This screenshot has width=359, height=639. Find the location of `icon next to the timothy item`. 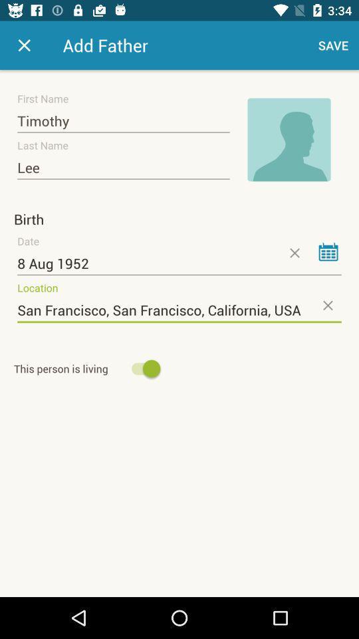

icon next to the timothy item is located at coordinates (289, 140).